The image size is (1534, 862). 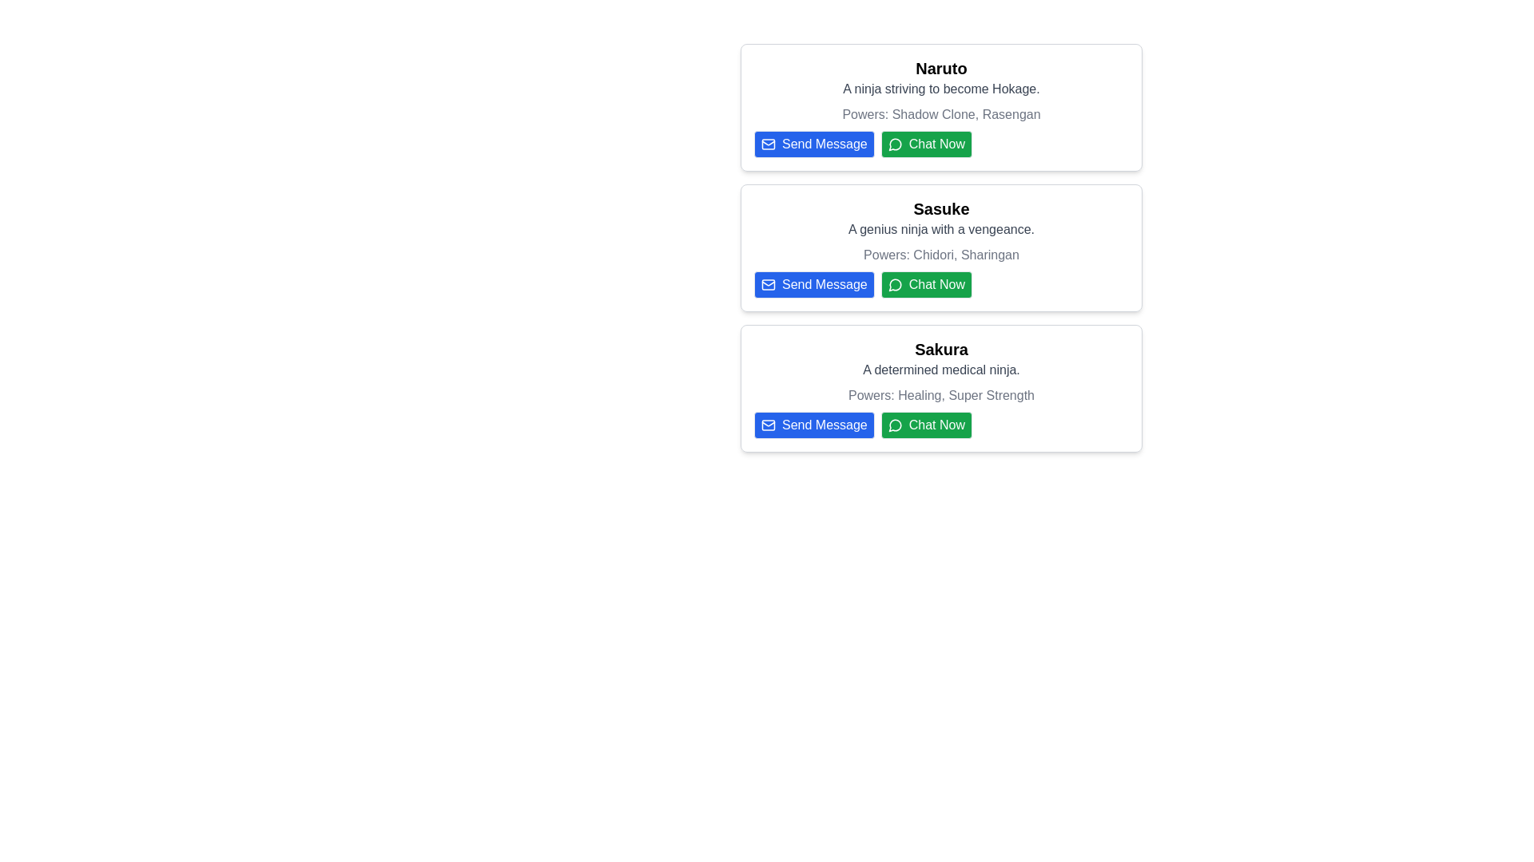 I want to click on the button located in the bottom-right corner of the 'Sakura' card to initiate a chat session, so click(x=941, y=424).